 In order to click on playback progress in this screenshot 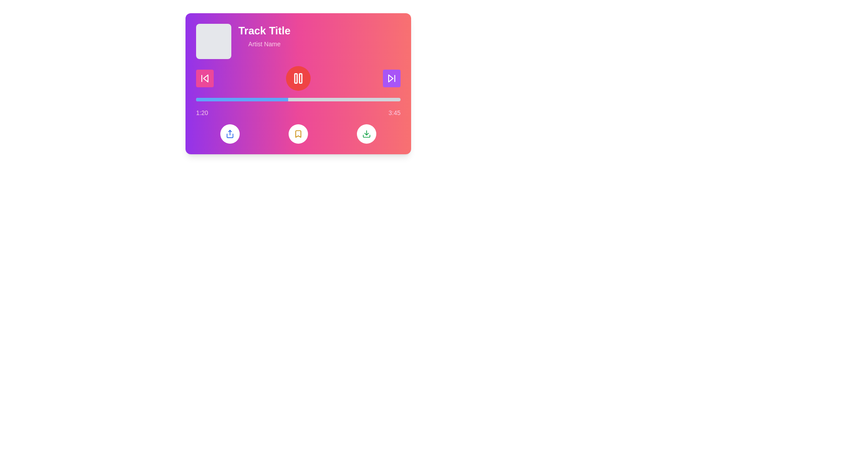, I will do `click(241, 99)`.